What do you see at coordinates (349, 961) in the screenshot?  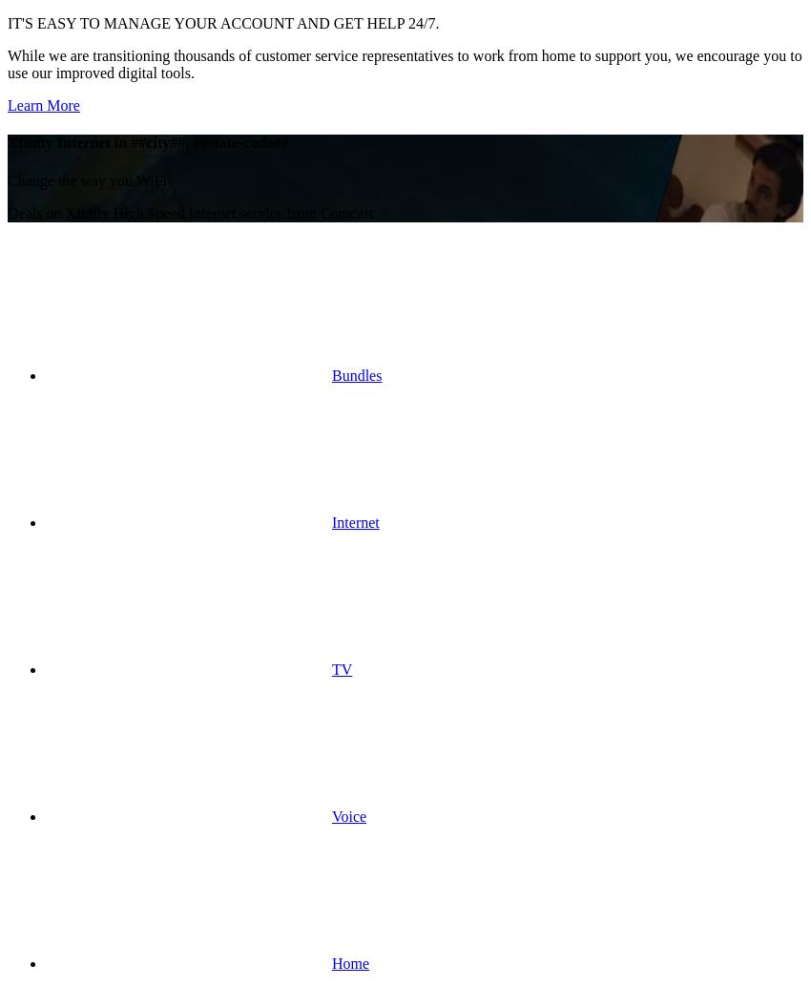 I see `'Home'` at bounding box center [349, 961].